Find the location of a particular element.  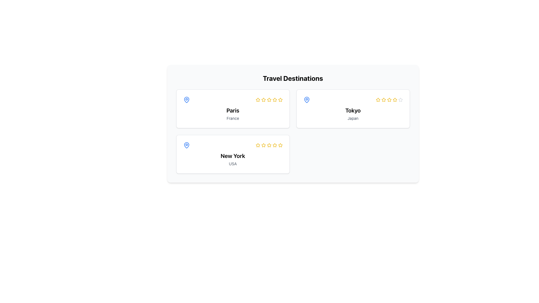

the first star icon in the rating section of the 'Paris, France' card is located at coordinates (263, 99).